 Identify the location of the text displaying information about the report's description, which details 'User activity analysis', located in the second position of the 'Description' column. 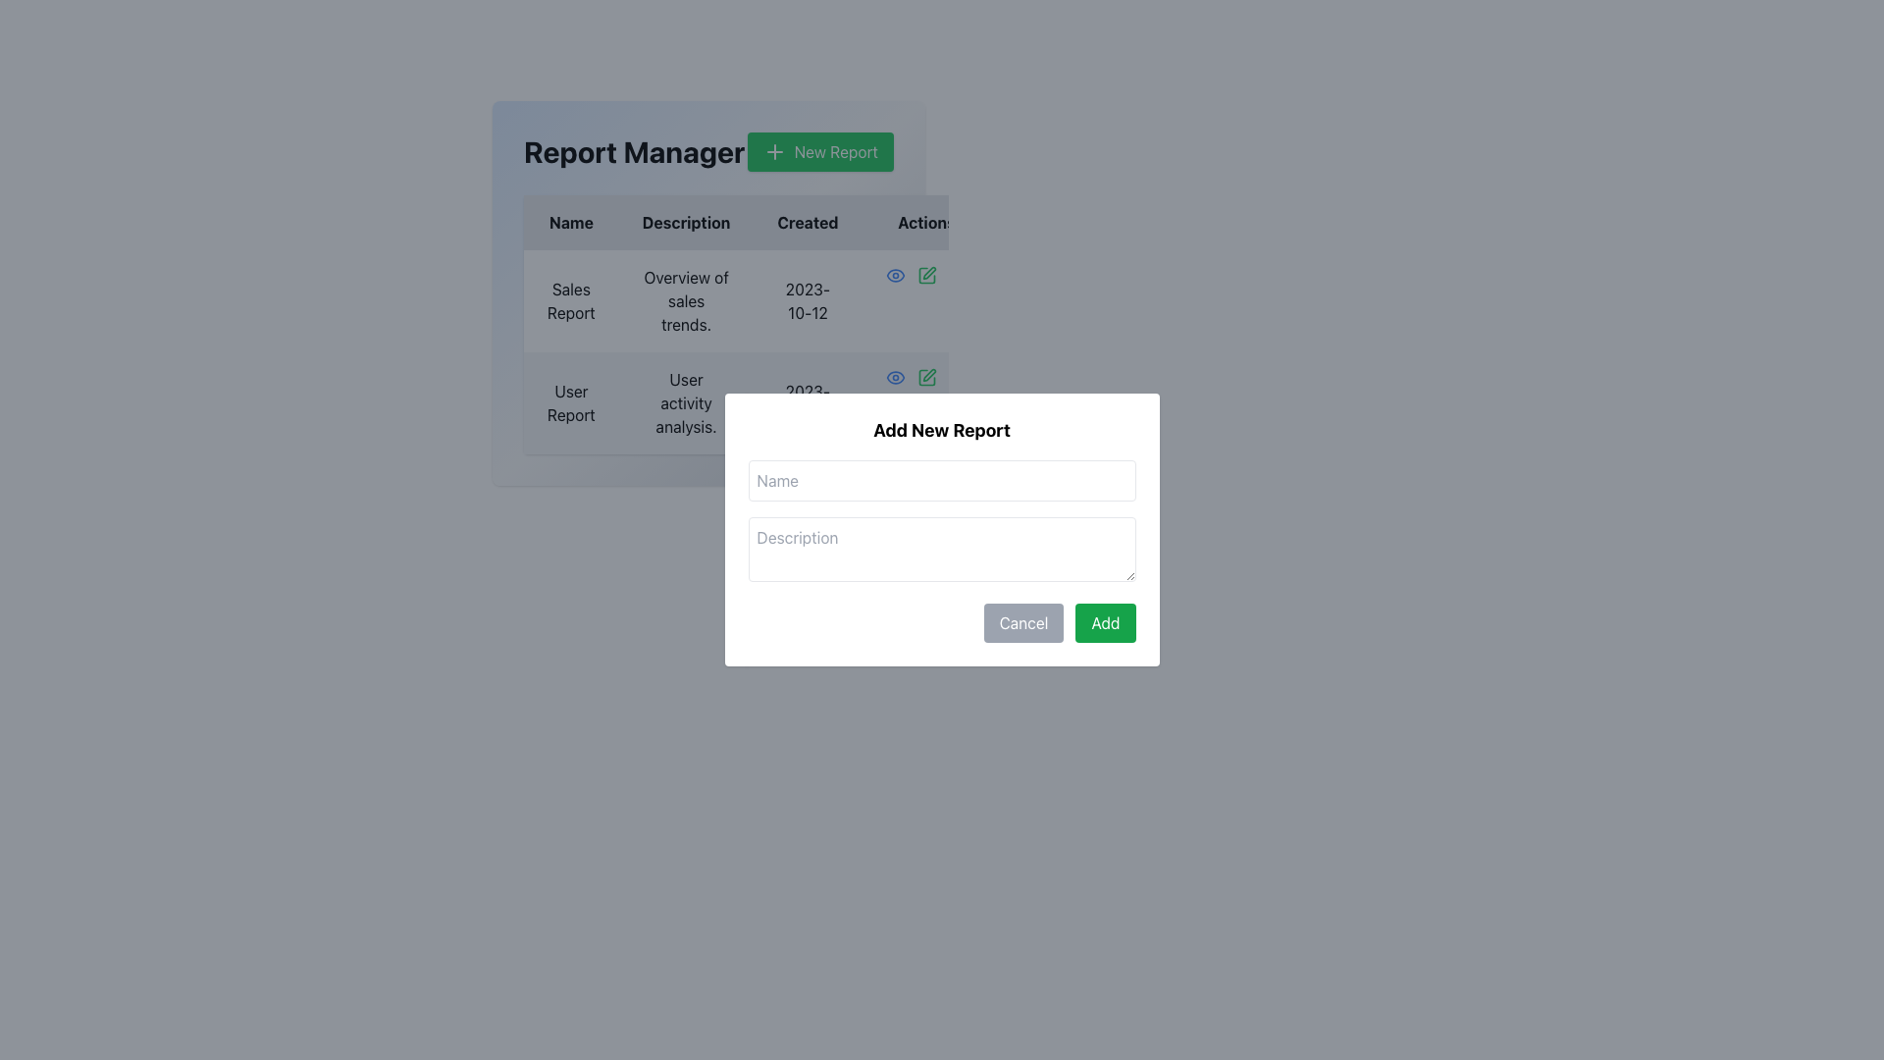
(686, 402).